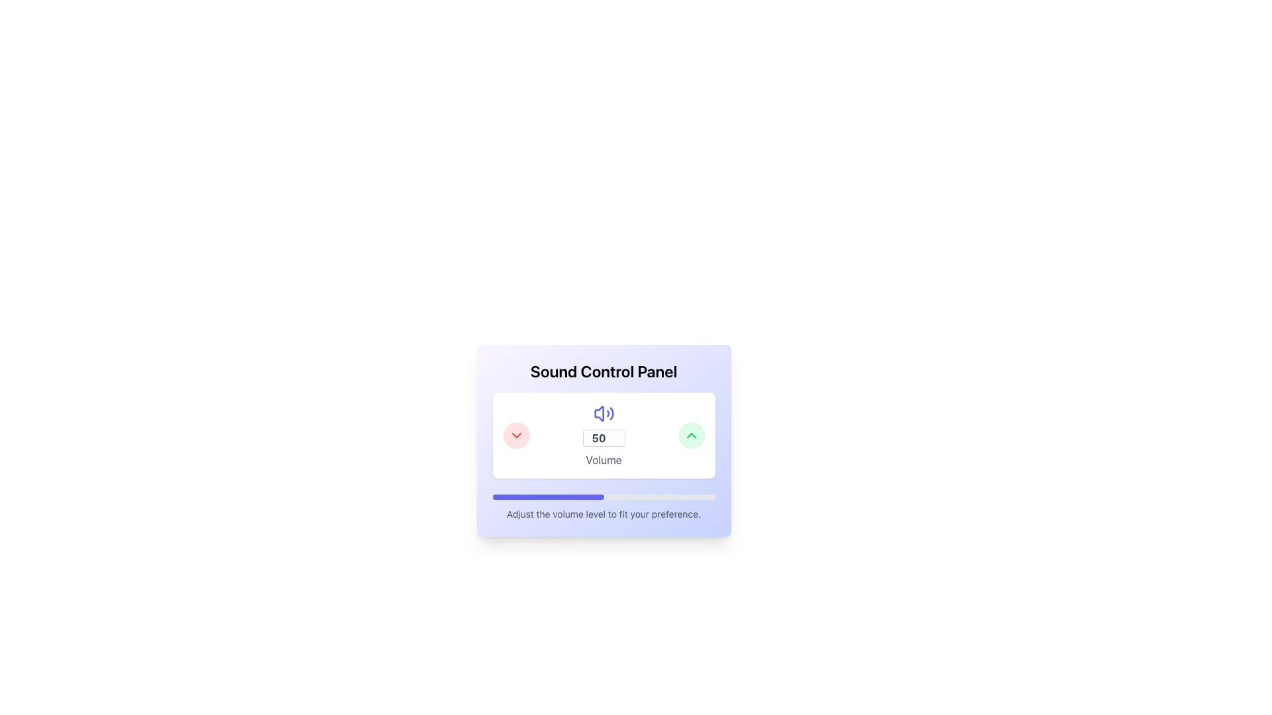 This screenshot has width=1272, height=715. I want to click on the volume, so click(546, 497).